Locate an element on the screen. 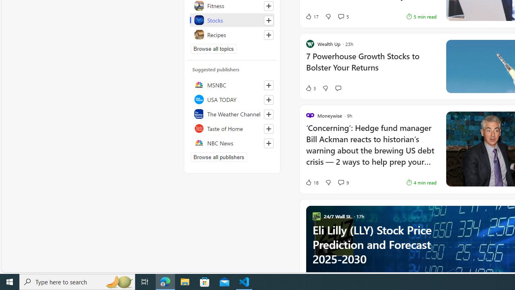  '18 Like' is located at coordinates (311, 182).